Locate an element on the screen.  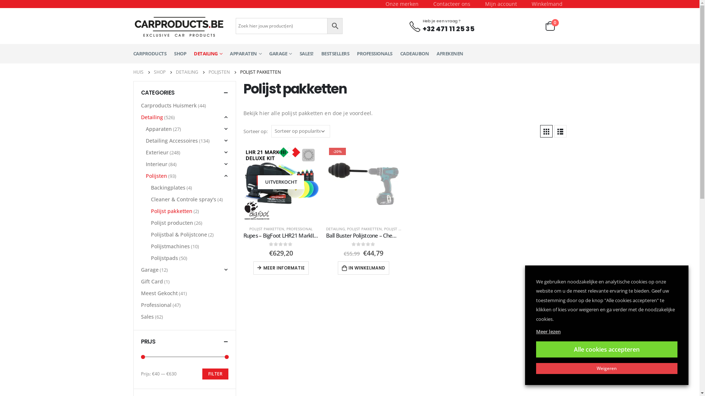
'APPARATEN' is located at coordinates (245, 53).